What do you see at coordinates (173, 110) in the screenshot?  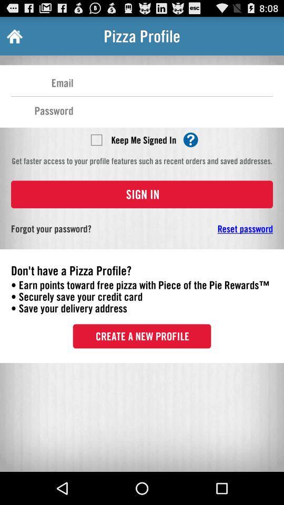 I see `password` at bounding box center [173, 110].